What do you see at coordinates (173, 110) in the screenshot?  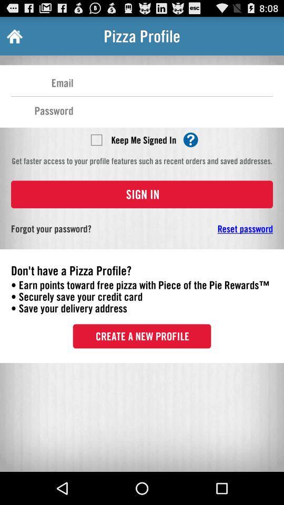 I see `password` at bounding box center [173, 110].